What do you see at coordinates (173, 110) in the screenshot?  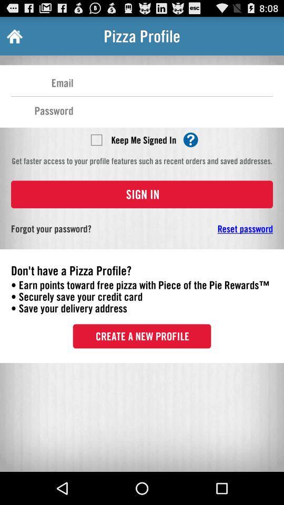 I see `password` at bounding box center [173, 110].